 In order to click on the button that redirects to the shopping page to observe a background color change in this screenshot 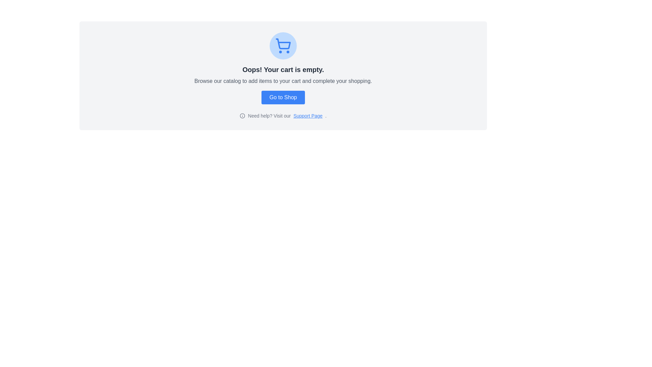, I will do `click(283, 97)`.